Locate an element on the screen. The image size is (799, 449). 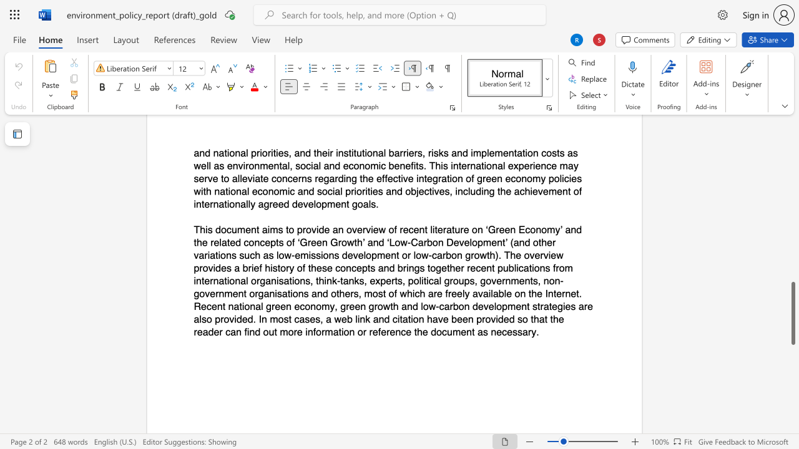
the scrollbar on the side is located at coordinates (792, 237).